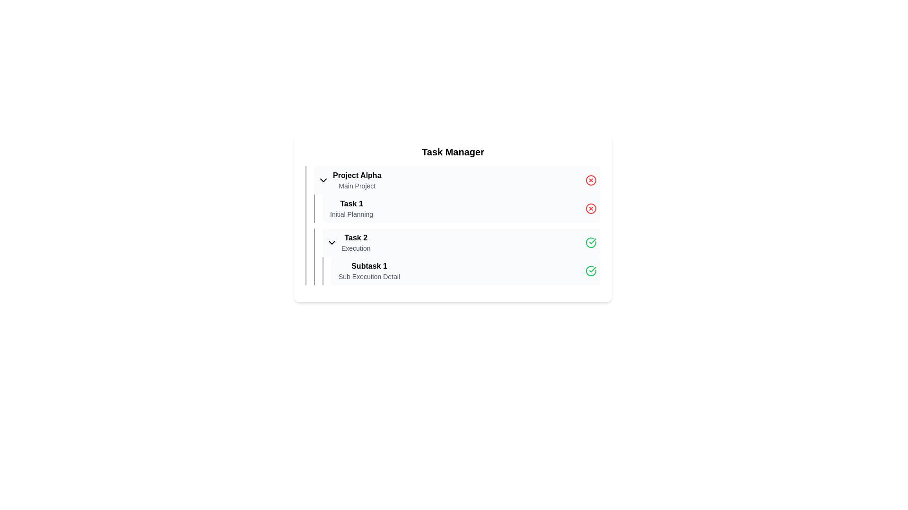 The height and width of the screenshot is (510, 908). Describe the element at coordinates (367, 271) in the screenshot. I see `the text display element that shows 'Subtask 1' and 'Sub Execution Detail' located under the 'Task 2' section, below the 'Execution' label, and aligned with a green checkmark icon` at that location.